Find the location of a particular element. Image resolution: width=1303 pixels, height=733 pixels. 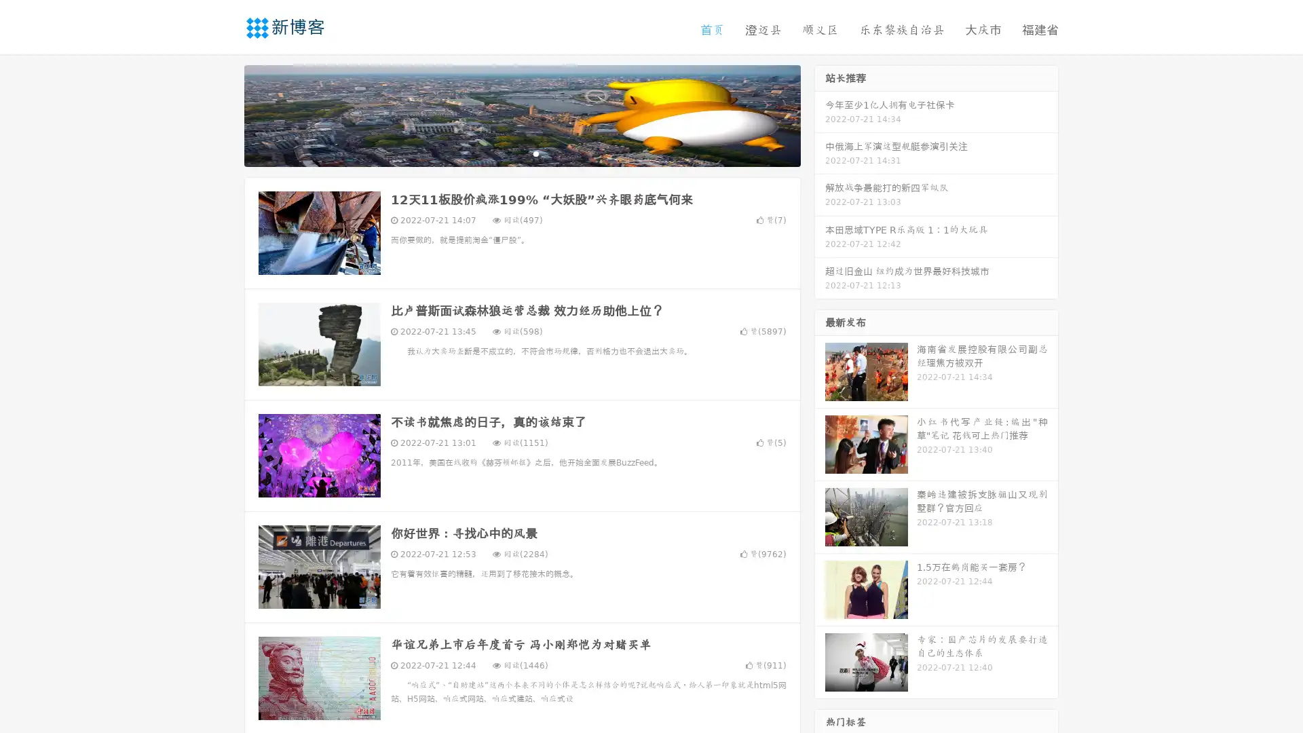

Next slide is located at coordinates (820, 114).